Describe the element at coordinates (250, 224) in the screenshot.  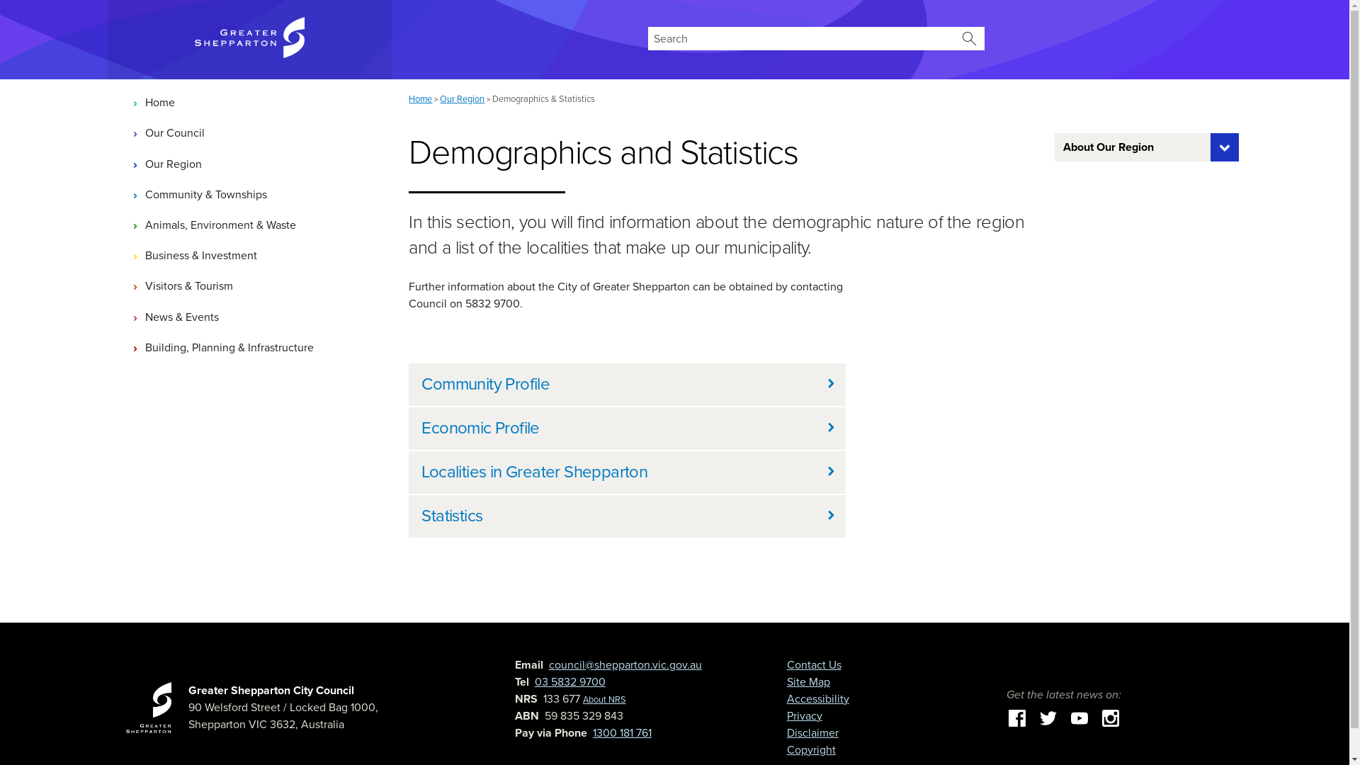
I see `'Animals, Environment & Waste'` at that location.